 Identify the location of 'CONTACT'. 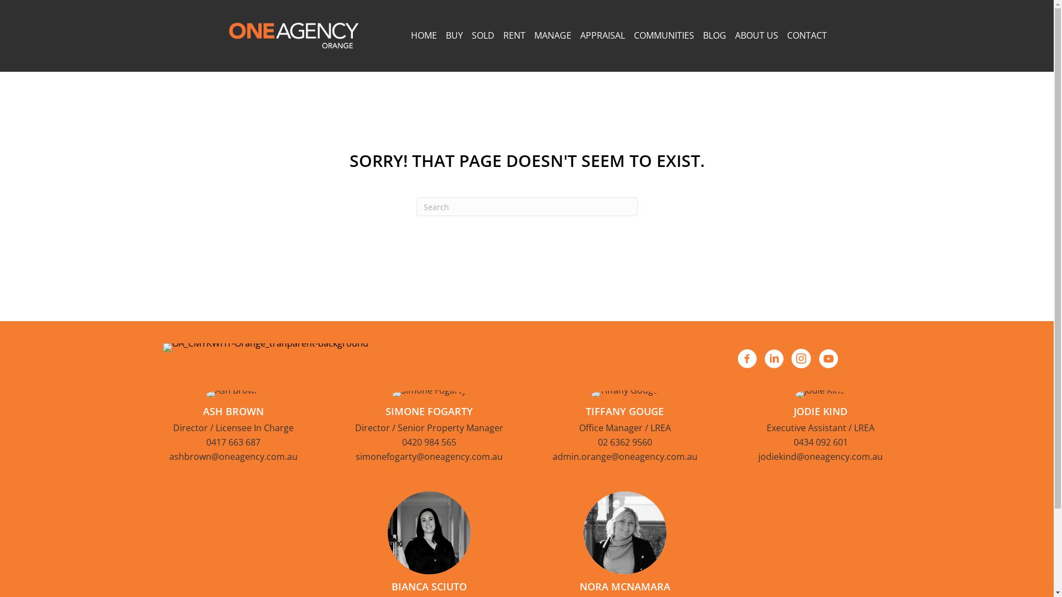
(806, 35).